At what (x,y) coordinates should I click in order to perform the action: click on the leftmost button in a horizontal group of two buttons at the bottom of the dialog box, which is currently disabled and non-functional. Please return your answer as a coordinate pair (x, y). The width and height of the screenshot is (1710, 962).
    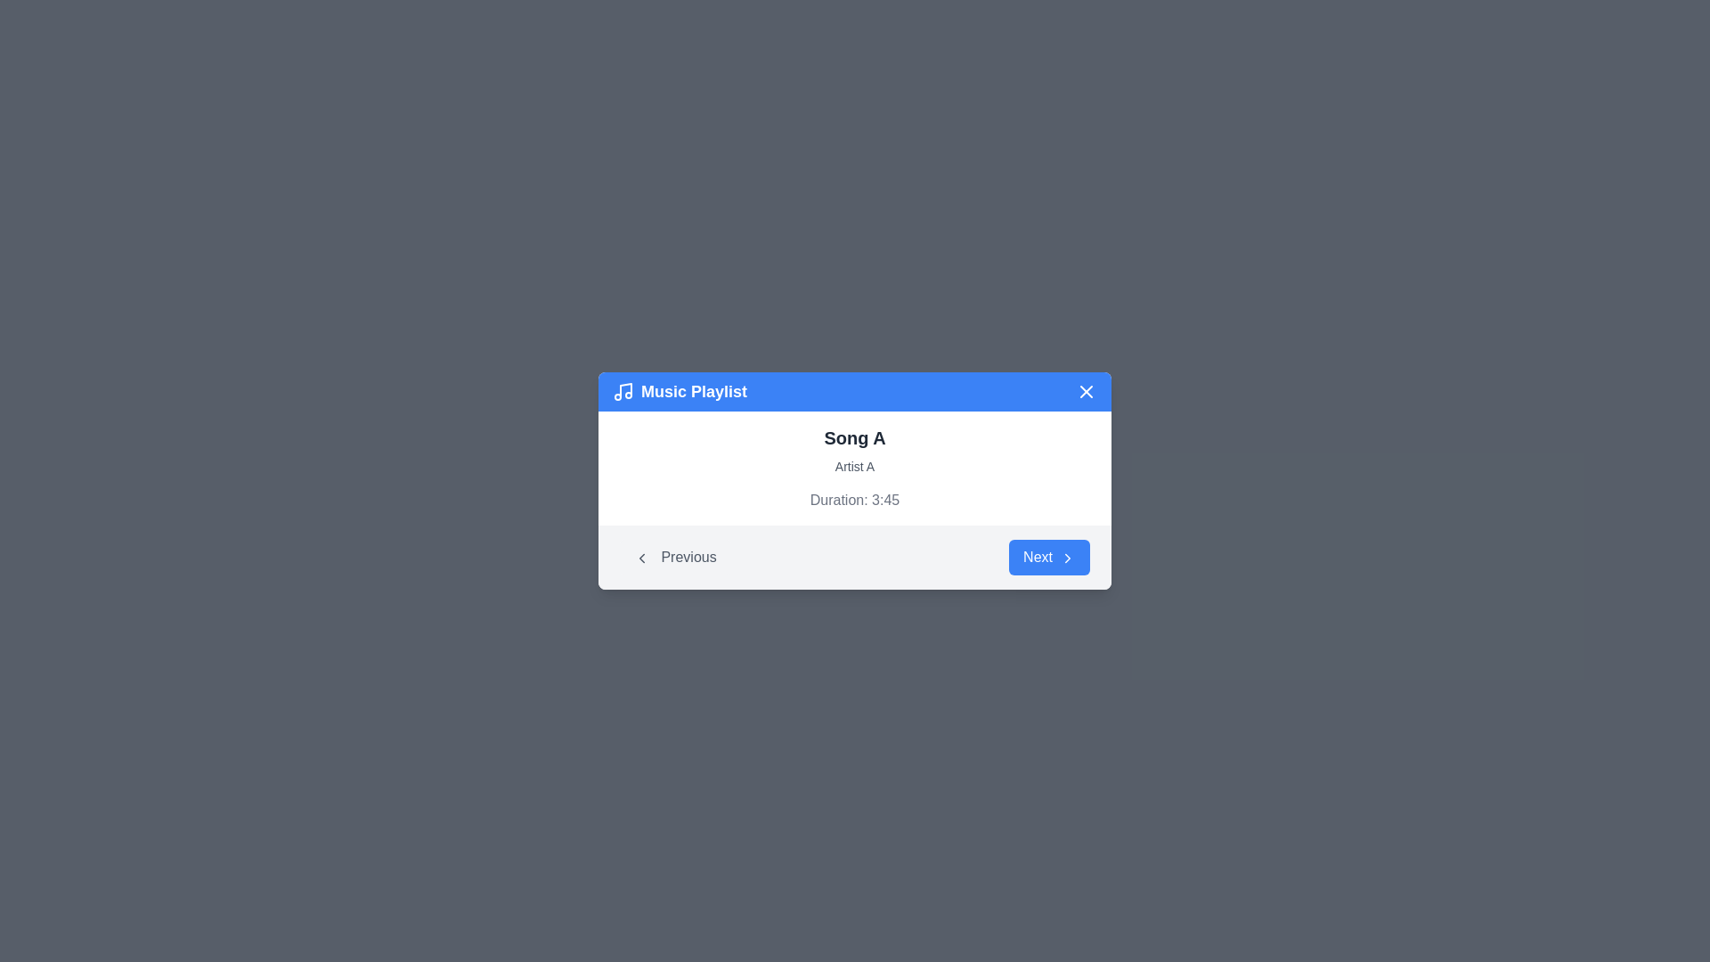
    Looking at the image, I should click on (674, 556).